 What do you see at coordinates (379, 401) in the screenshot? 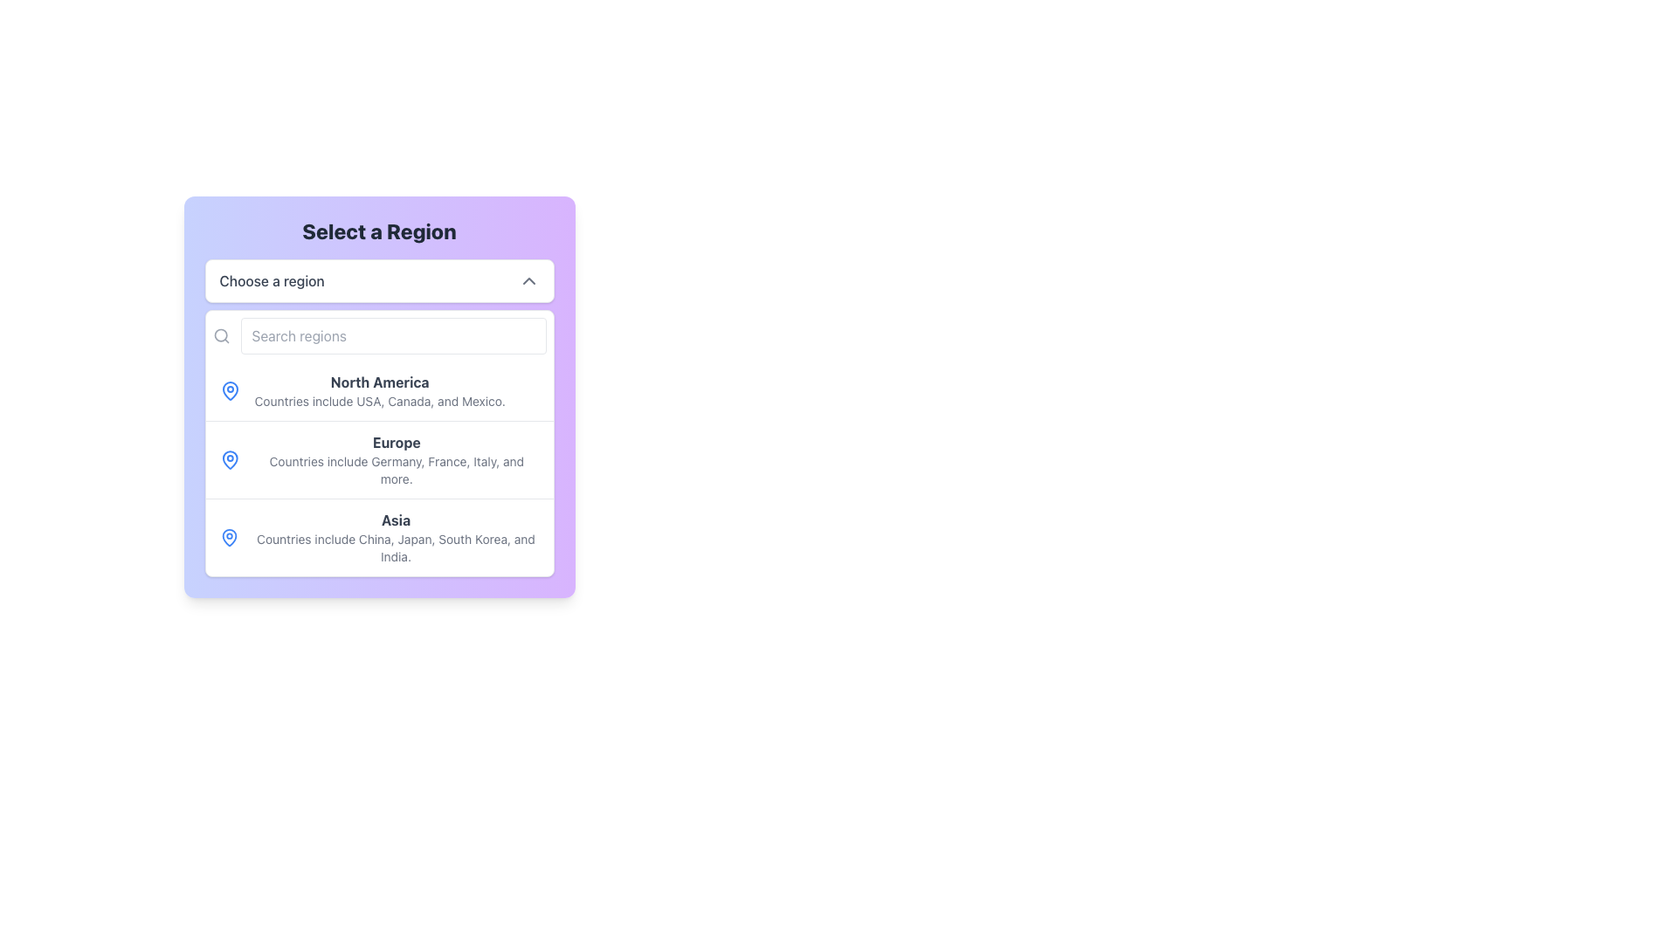
I see `the text label displaying 'Countries include USA, Canada, and Mexico.' which is styled in a smaller font size and light gray color, located directly beneath 'North America' in the 'Select a Region' modal` at bounding box center [379, 401].